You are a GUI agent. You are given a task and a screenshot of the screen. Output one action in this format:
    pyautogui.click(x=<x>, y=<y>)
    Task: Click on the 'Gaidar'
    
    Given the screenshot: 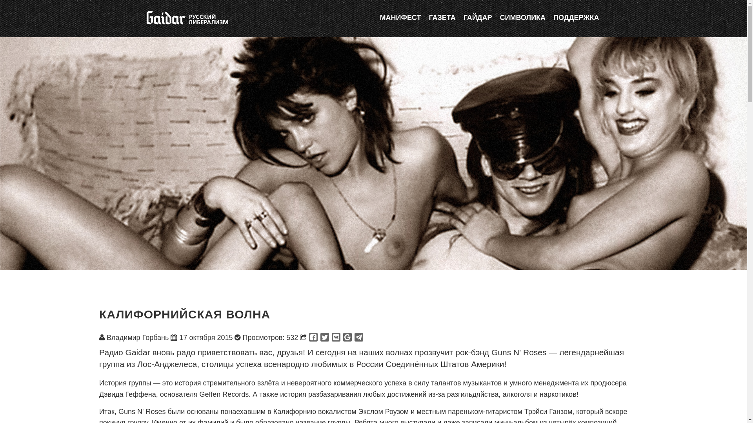 What is the action you would take?
    pyautogui.click(x=186, y=18)
    